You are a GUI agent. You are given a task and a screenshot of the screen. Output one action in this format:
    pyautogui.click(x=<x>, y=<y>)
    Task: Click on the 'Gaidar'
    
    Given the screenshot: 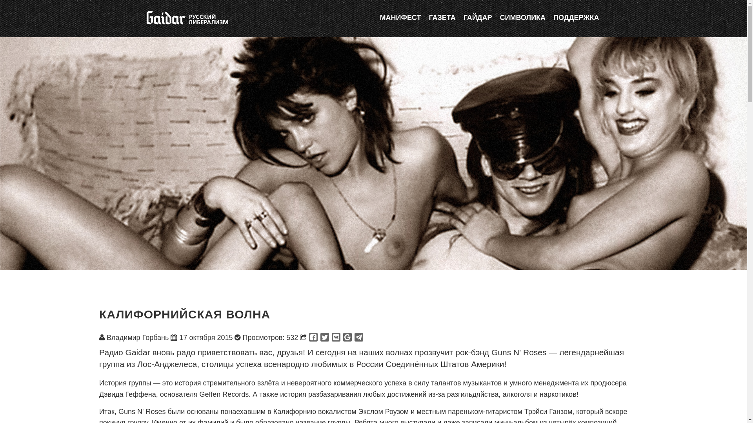 What is the action you would take?
    pyautogui.click(x=186, y=18)
    